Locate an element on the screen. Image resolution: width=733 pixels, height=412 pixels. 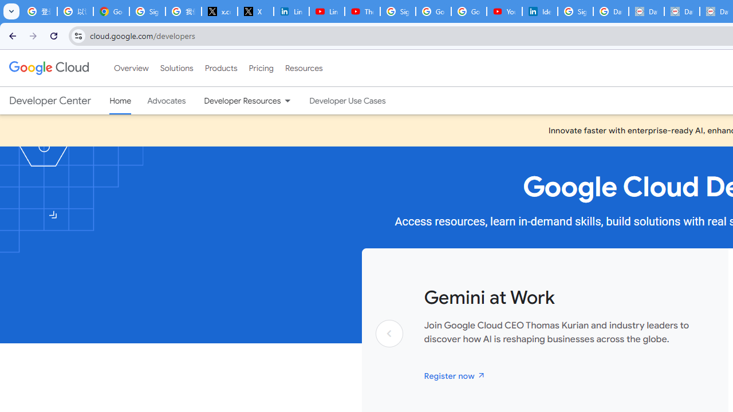
'Resources' is located at coordinates (304, 68).